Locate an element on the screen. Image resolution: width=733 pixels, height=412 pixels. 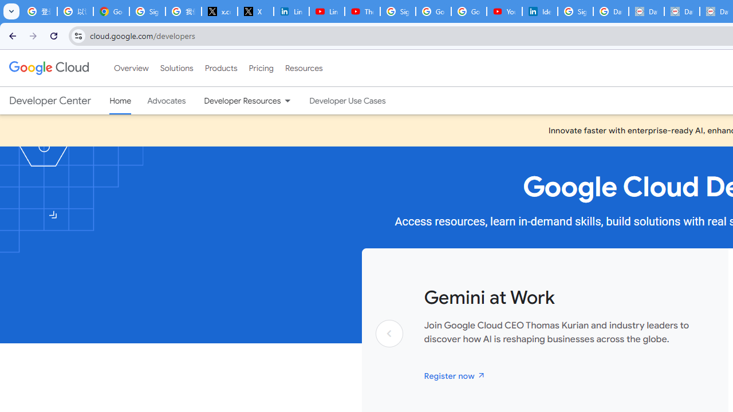
'Resources' is located at coordinates (304, 68).